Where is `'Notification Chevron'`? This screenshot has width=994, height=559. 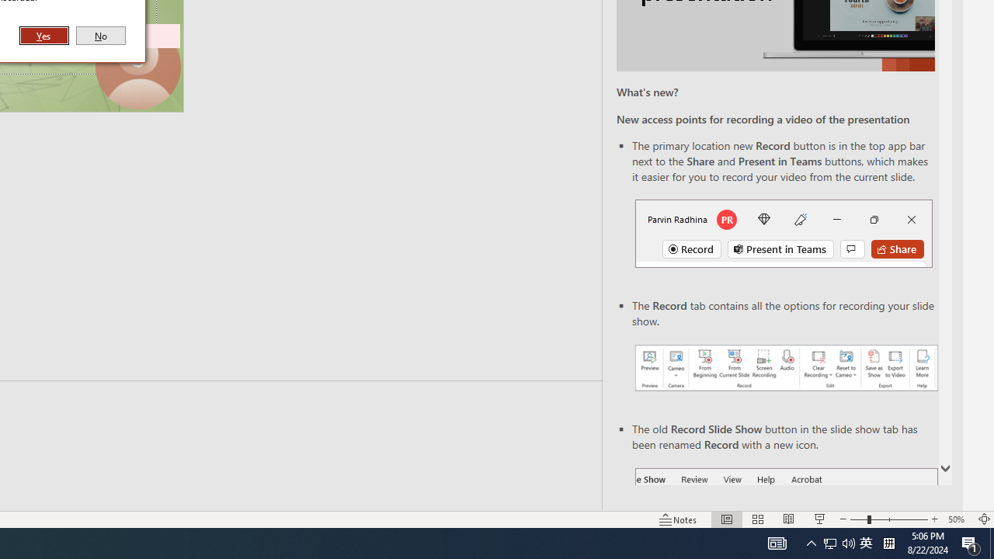 'Notification Chevron' is located at coordinates (811, 542).